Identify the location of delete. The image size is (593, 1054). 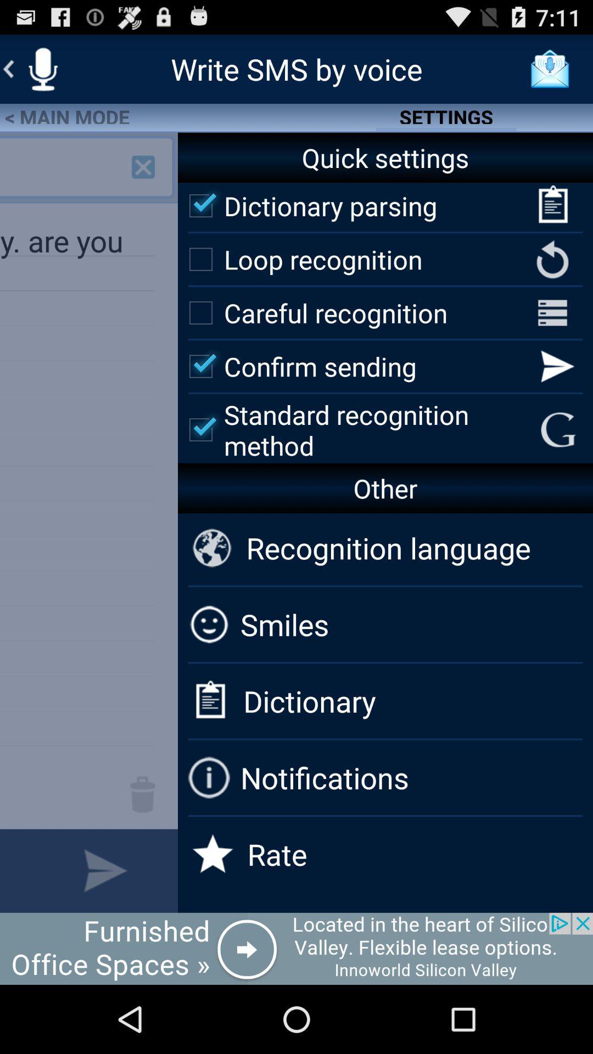
(142, 794).